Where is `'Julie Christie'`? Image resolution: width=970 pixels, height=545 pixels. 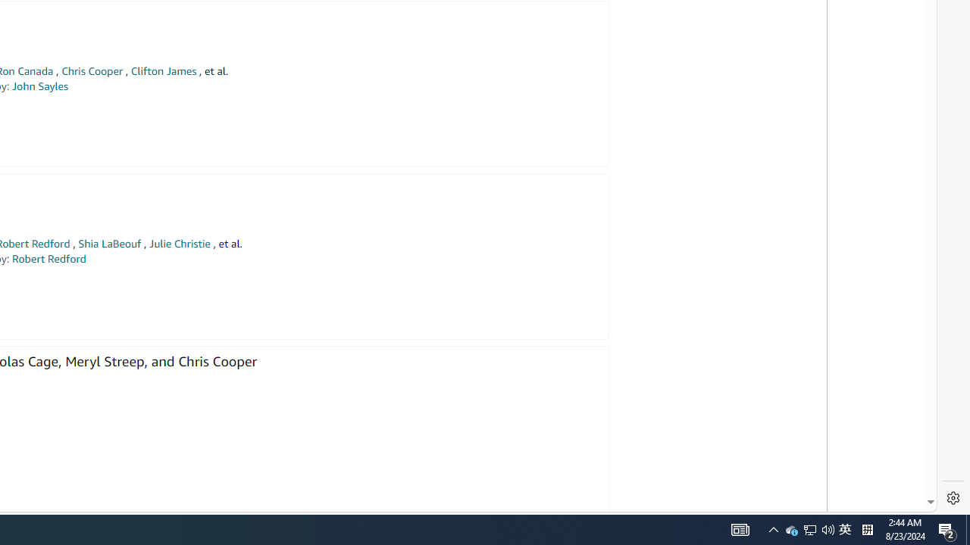
'Julie Christie' is located at coordinates (180, 243).